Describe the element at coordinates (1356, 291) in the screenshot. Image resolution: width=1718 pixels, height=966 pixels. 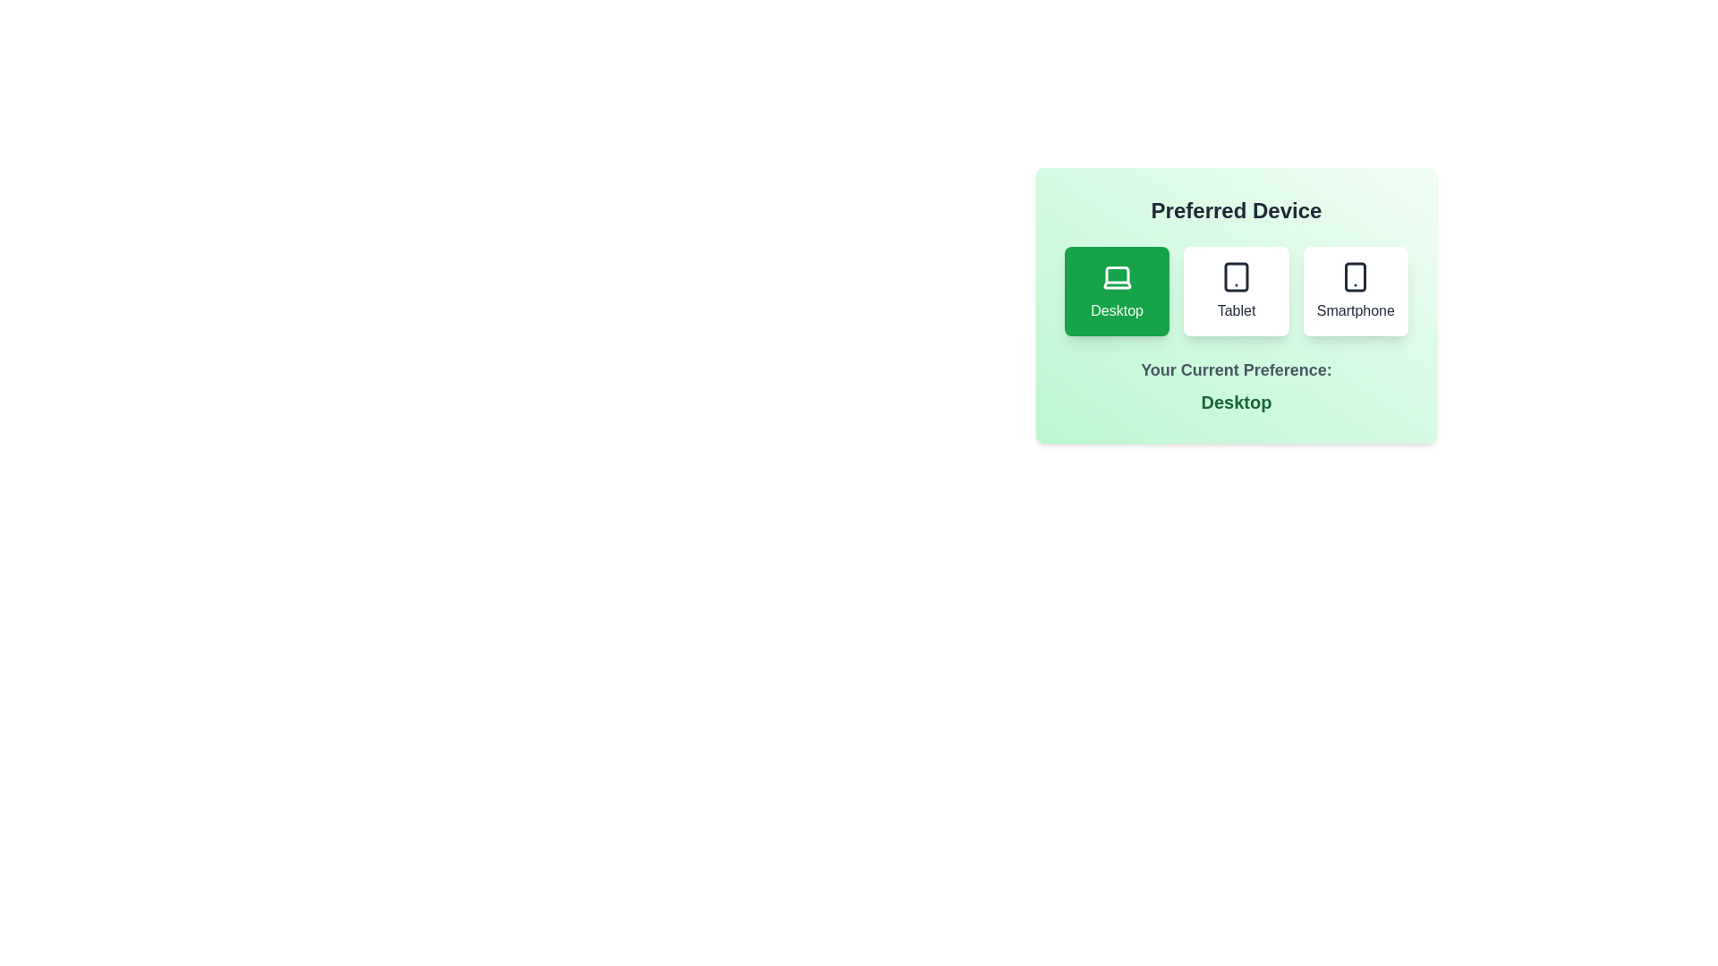
I see `the device preference by clicking the Smartphone button` at that location.